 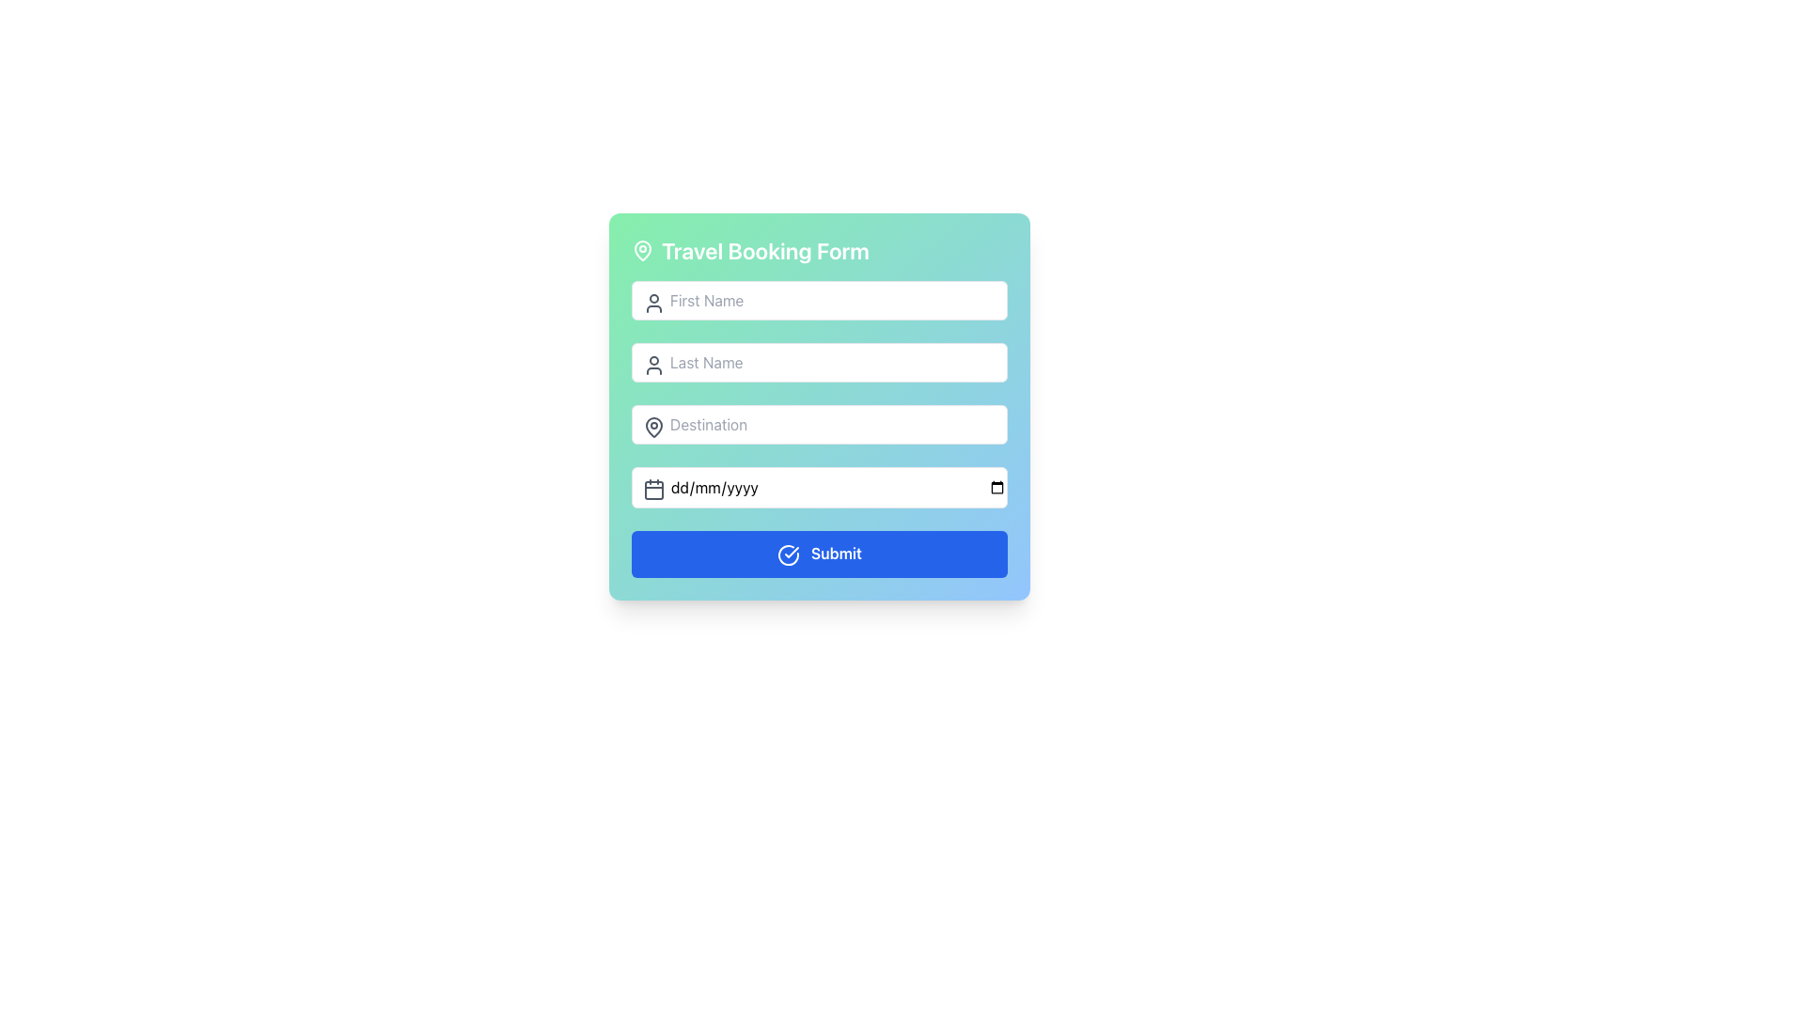 I want to click on the location pin icon that is styled with a gray color and has a hollow center, positioned to the left of the 'Destination' input box in the travel booking form, so click(x=654, y=428).